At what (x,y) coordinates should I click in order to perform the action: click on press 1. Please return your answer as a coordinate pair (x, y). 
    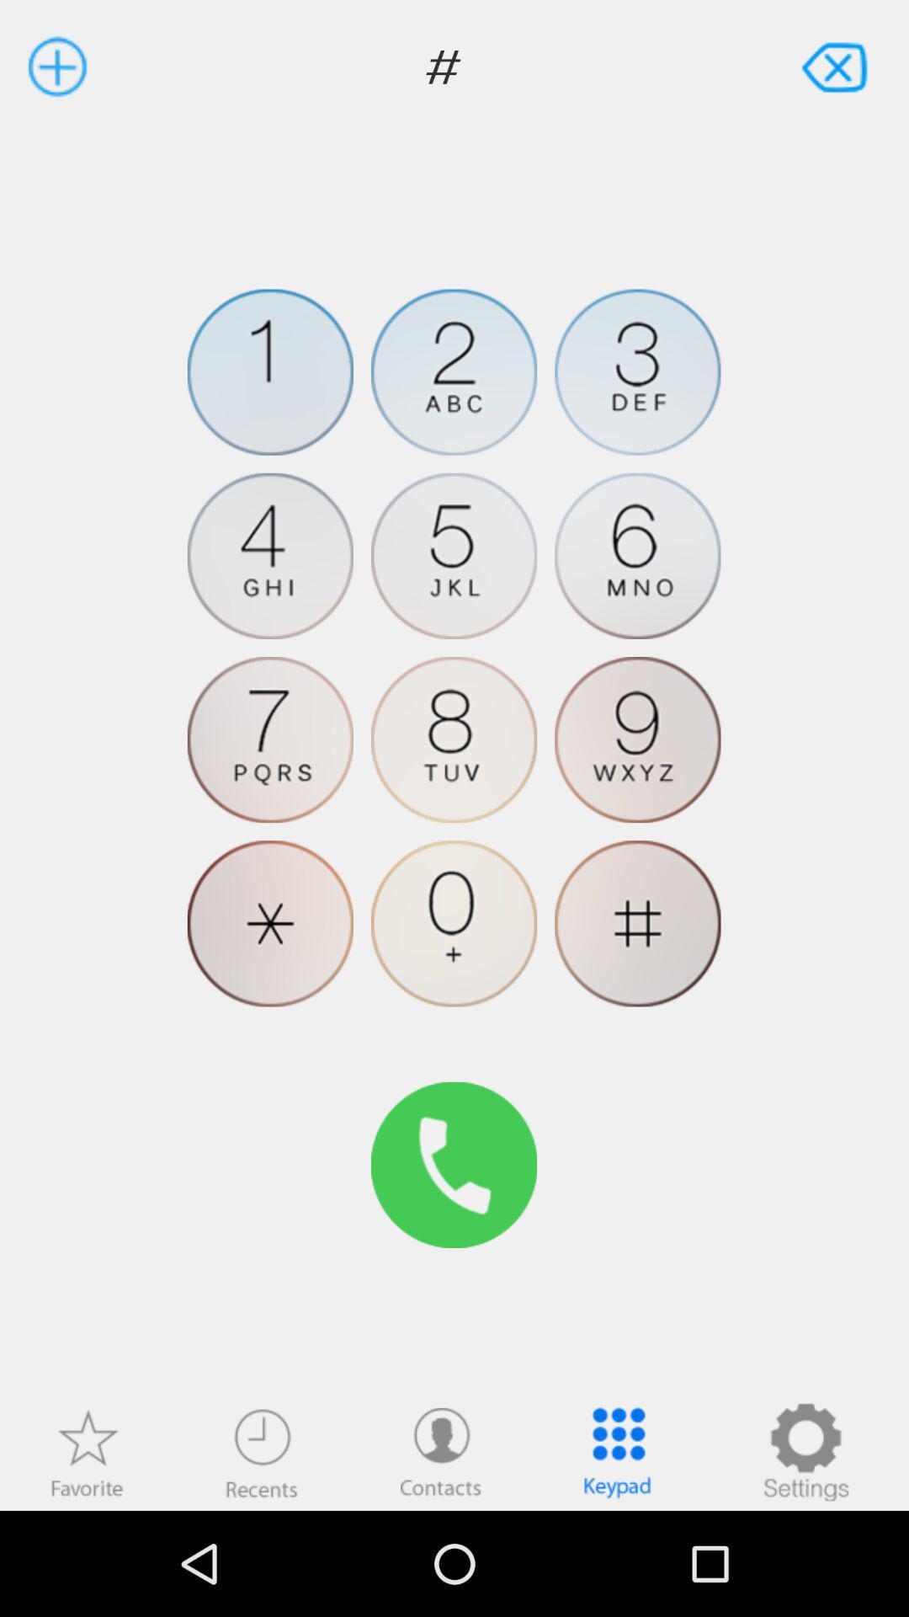
    Looking at the image, I should click on (269, 371).